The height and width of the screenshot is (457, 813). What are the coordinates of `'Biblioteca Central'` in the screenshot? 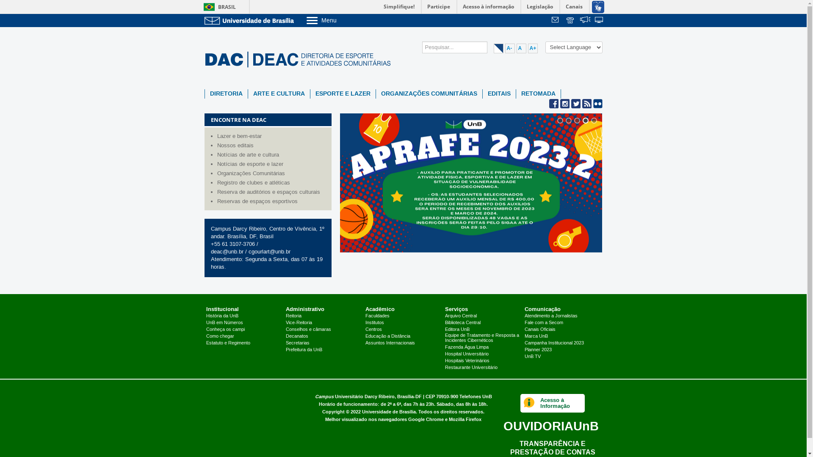 It's located at (462, 323).